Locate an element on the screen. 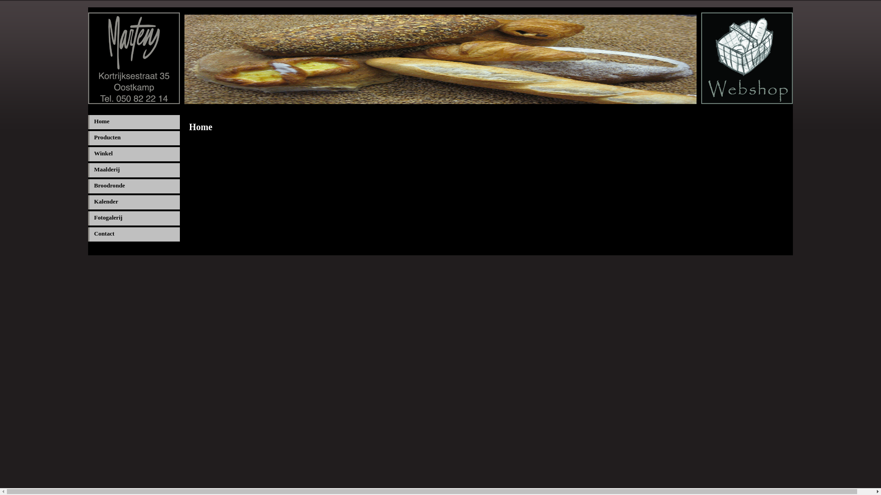 The height and width of the screenshot is (495, 881). 'Producten' is located at coordinates (134, 138).